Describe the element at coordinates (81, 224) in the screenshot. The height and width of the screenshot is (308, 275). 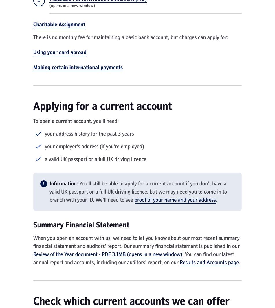
I see `'Summary Financial Statement'` at that location.